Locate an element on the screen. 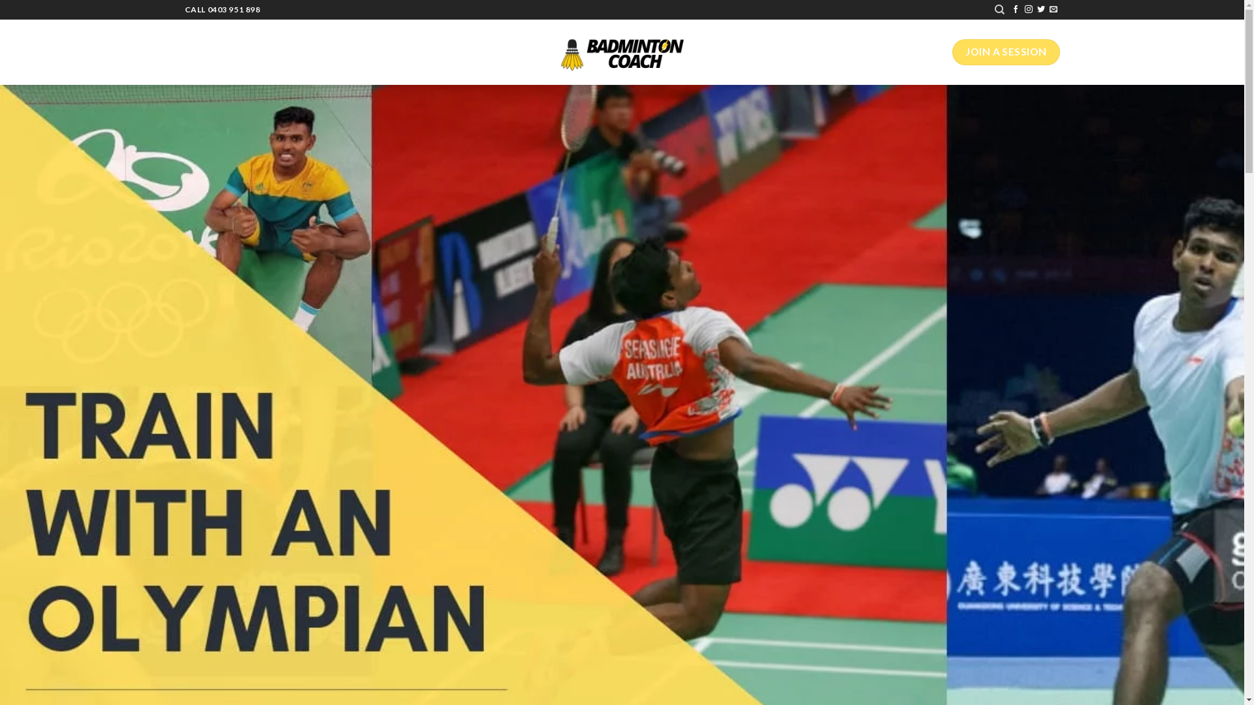 This screenshot has width=1254, height=705. 'Follow on Twitter' is located at coordinates (1040, 10).